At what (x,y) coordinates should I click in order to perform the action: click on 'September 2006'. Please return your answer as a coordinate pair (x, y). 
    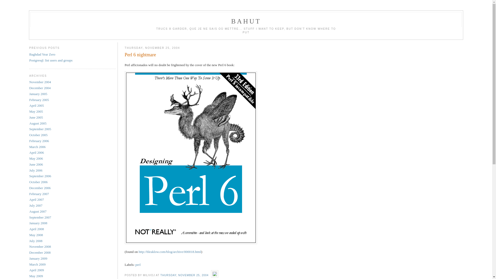
    Looking at the image, I should click on (40, 176).